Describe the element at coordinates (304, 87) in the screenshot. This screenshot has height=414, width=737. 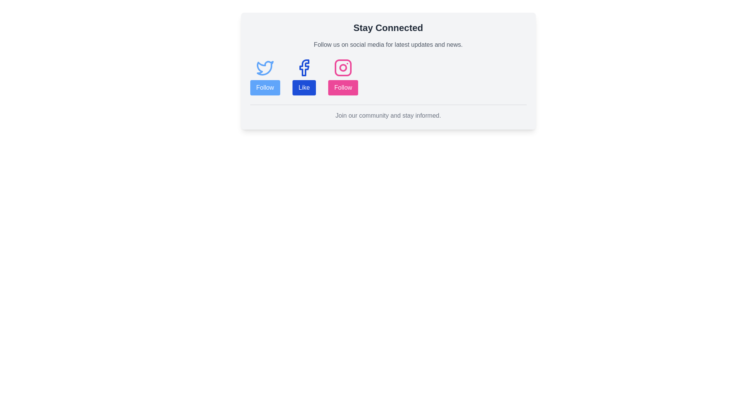
I see `the 'like' button located directly below the Facebook icon in the 'Stay Connected' section to interact with the associated content` at that location.